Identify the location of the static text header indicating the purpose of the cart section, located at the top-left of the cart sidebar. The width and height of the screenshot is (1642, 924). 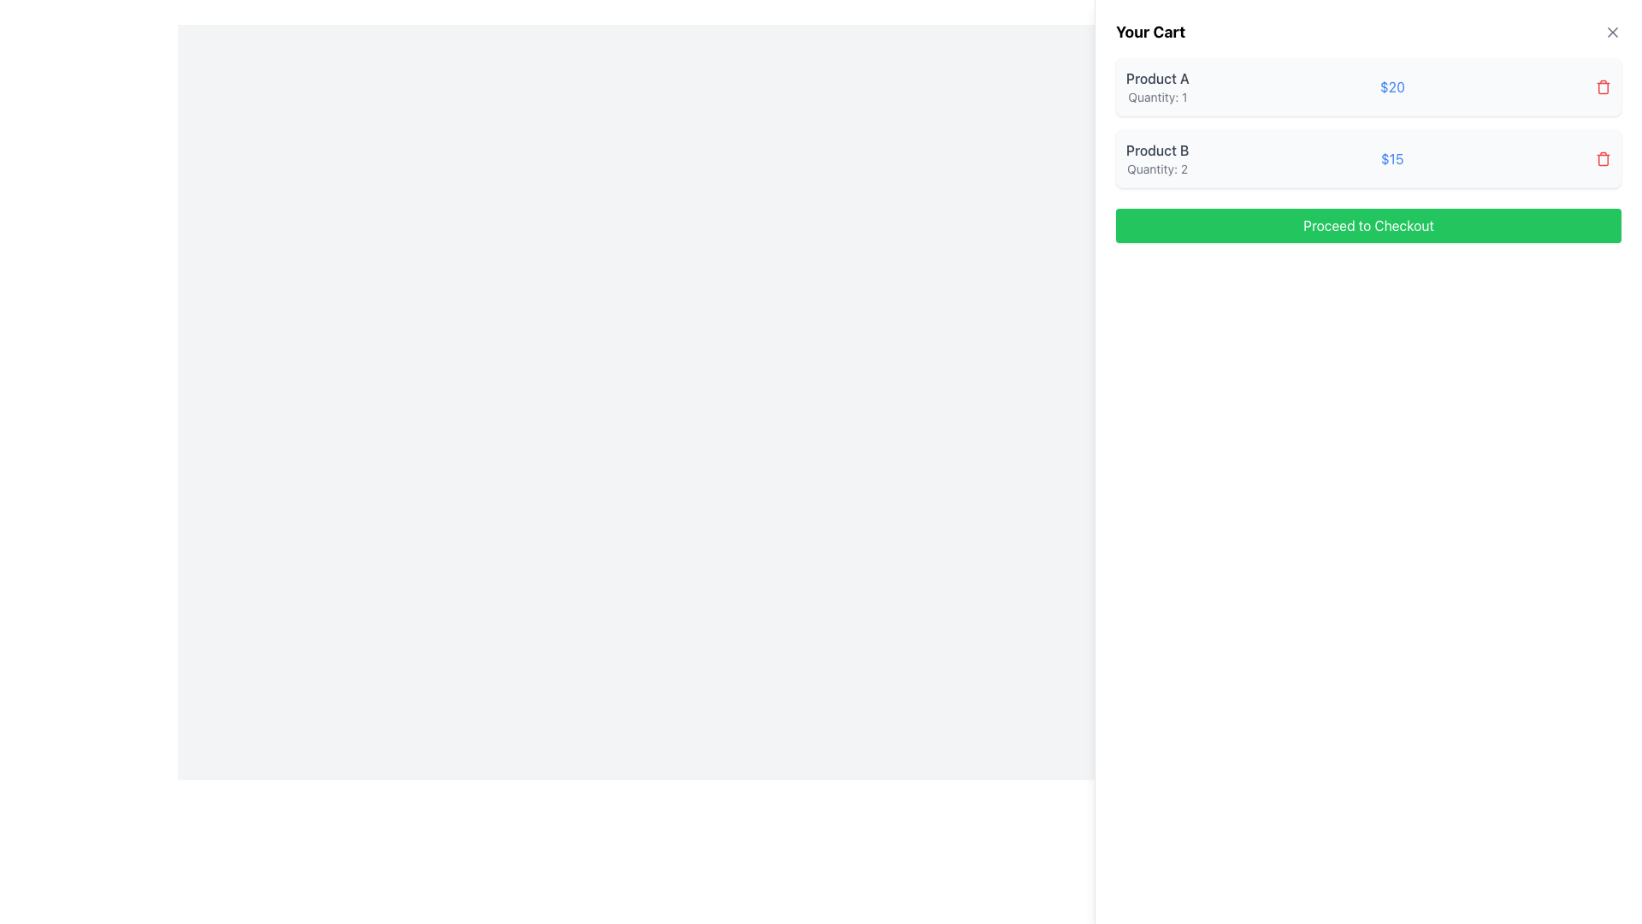
(1150, 33).